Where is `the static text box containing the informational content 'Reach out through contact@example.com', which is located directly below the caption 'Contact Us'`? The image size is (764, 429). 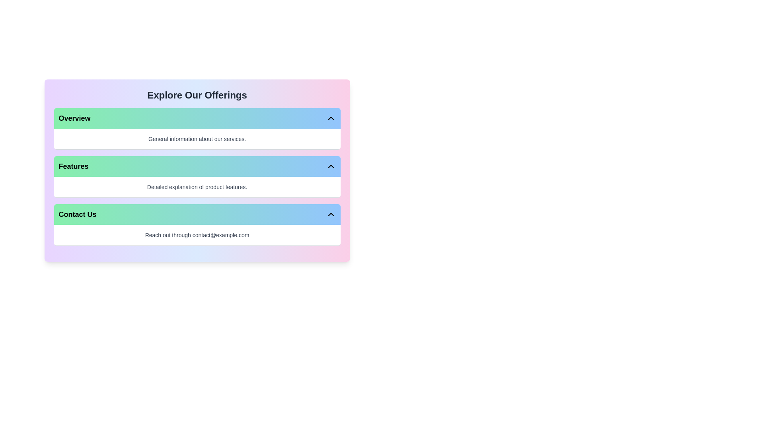
the static text box containing the informational content 'Reach out through contact@example.com', which is located directly below the caption 'Contact Us' is located at coordinates (197, 234).